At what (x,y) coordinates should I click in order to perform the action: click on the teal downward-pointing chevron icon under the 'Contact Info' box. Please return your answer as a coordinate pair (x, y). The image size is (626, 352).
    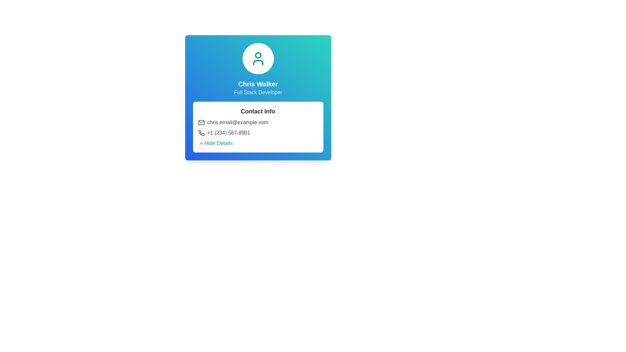
    Looking at the image, I should click on (201, 143).